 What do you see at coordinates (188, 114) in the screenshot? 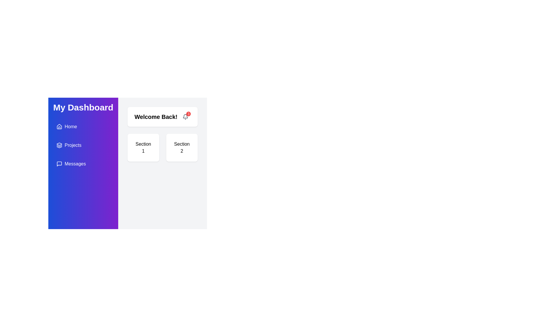
I see `the Notification Badge located at the top-right corner of the bell icon in the 'Welcome Back!' section, which indicates the number of new notifications or alerts` at bounding box center [188, 114].